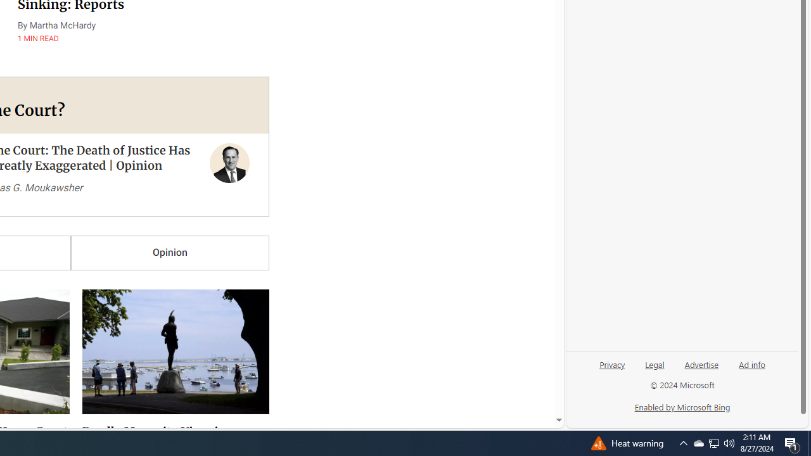 The height and width of the screenshot is (456, 811). I want to click on 'Opinion', so click(169, 253).